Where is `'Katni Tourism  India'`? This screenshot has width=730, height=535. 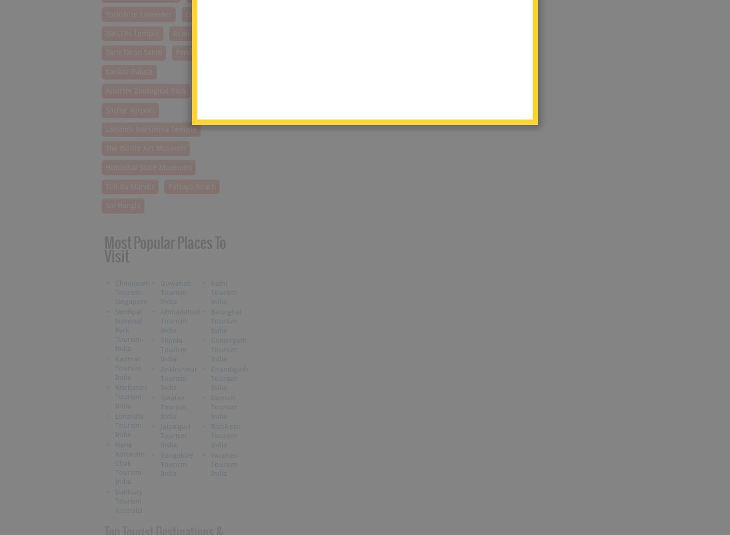 'Katni Tourism  India' is located at coordinates (223, 292).